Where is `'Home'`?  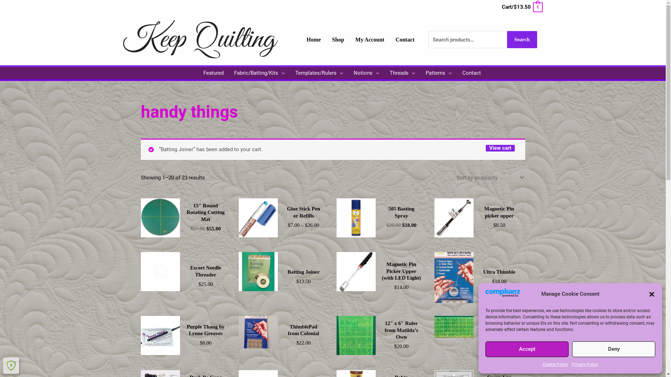
'Home' is located at coordinates (301, 39).